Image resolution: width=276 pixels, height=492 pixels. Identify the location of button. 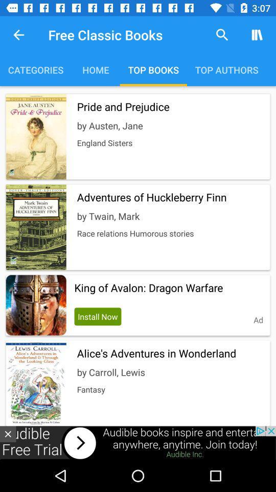
(7, 434).